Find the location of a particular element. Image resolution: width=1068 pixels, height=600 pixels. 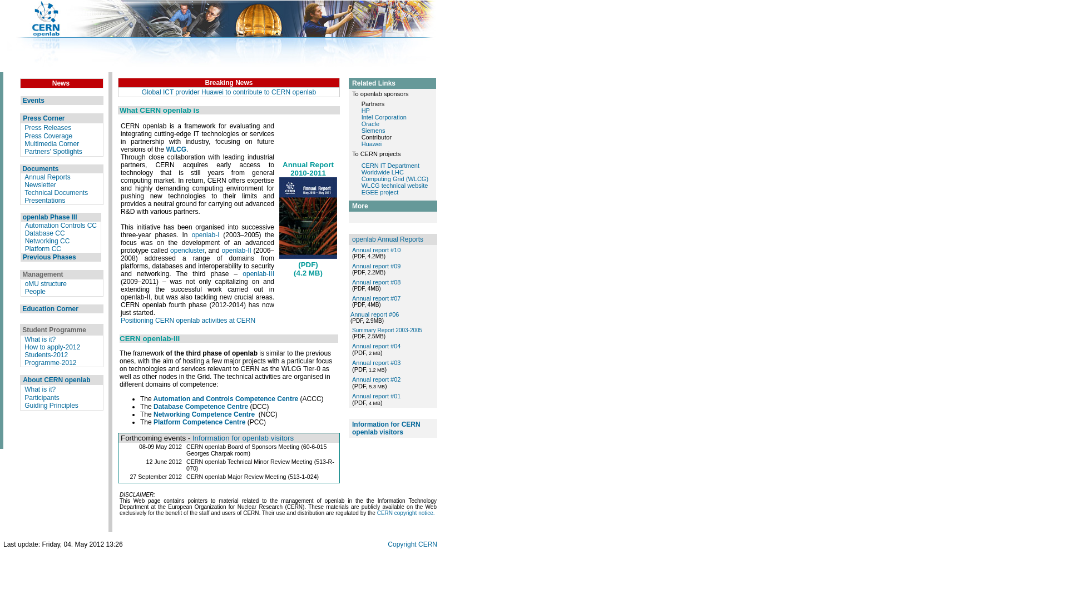

'WLCG' is located at coordinates (175, 149).